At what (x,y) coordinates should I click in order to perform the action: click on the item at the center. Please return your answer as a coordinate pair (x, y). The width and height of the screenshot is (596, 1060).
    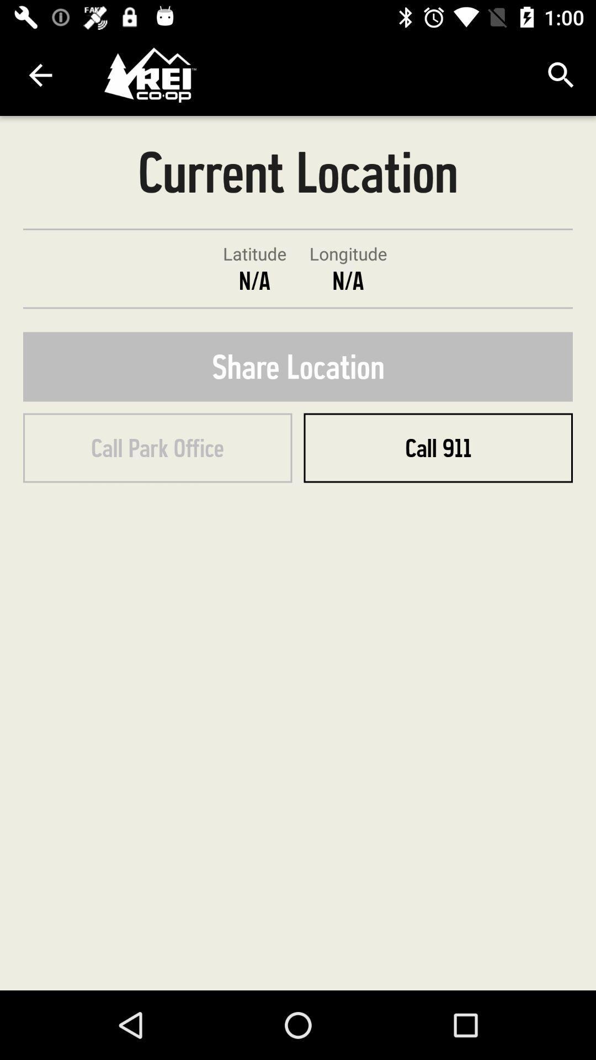
    Looking at the image, I should click on (298, 367).